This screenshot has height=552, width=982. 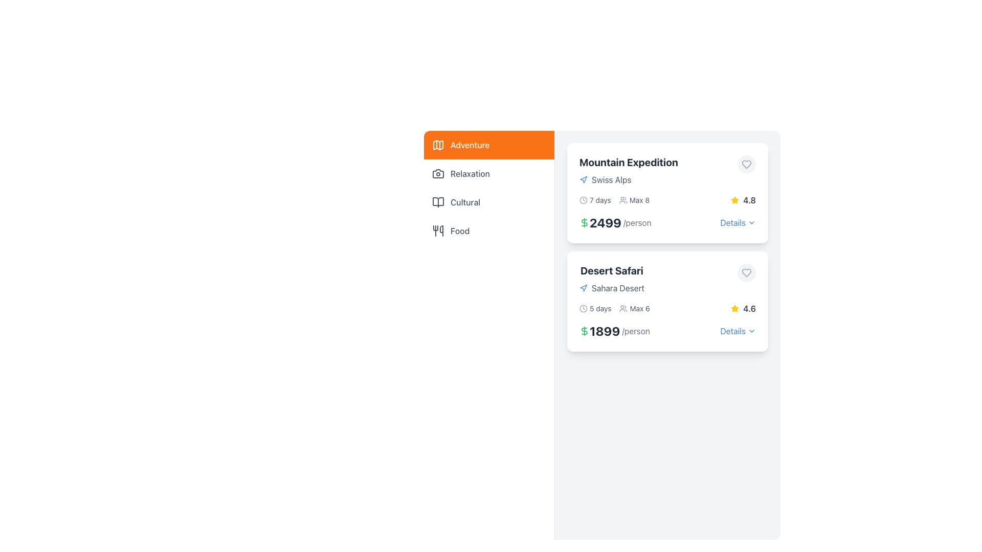 What do you see at coordinates (595, 200) in the screenshot?
I see `the informational label displaying a clock icon and the text '7 days' located in the upper-left section of the 'Mountain Expedition' card` at bounding box center [595, 200].